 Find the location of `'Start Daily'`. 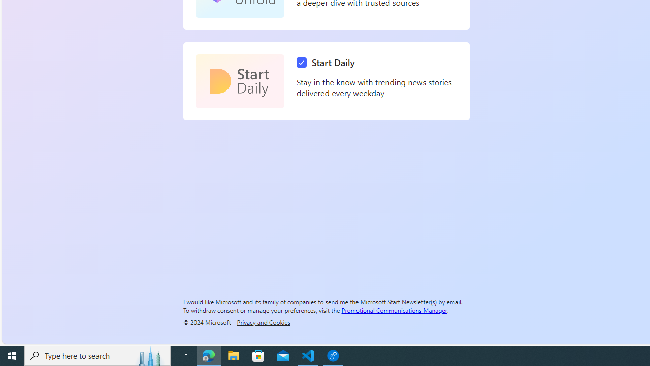

'Start Daily' is located at coordinates (239, 81).